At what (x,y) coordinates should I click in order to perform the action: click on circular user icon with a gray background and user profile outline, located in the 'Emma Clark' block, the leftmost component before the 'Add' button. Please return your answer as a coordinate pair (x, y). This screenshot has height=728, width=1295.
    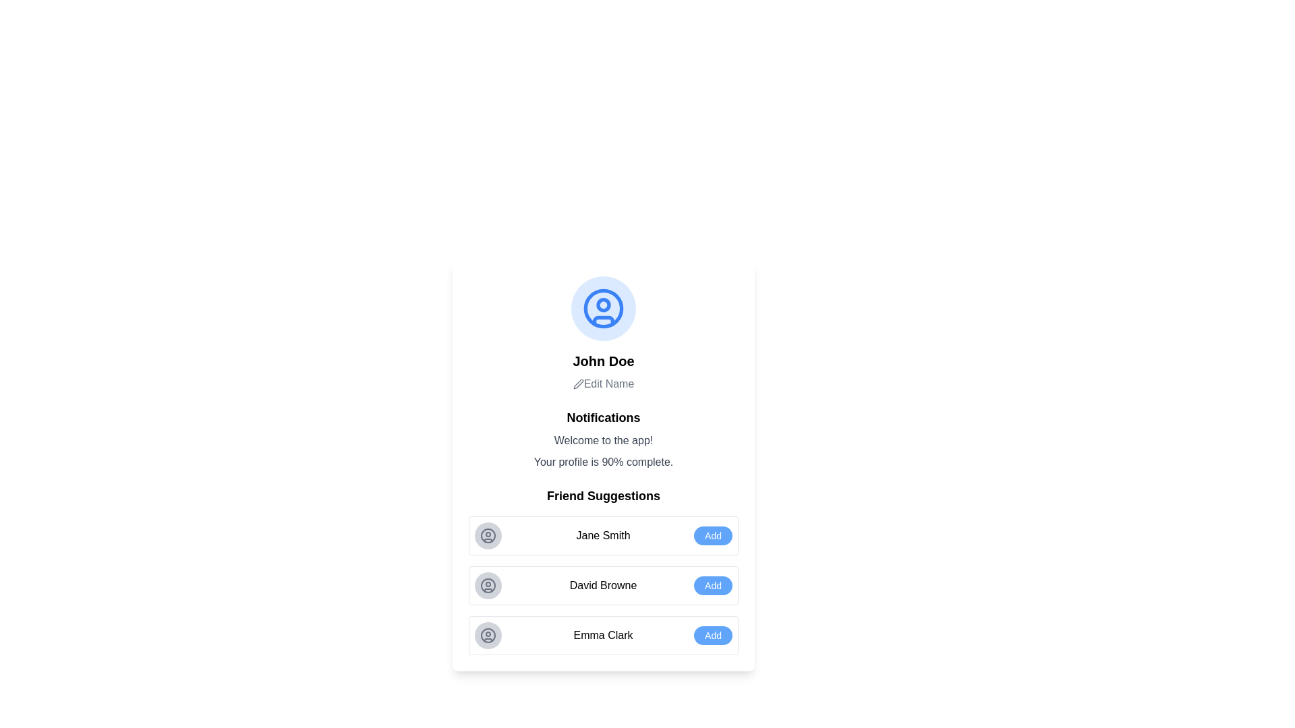
    Looking at the image, I should click on (488, 635).